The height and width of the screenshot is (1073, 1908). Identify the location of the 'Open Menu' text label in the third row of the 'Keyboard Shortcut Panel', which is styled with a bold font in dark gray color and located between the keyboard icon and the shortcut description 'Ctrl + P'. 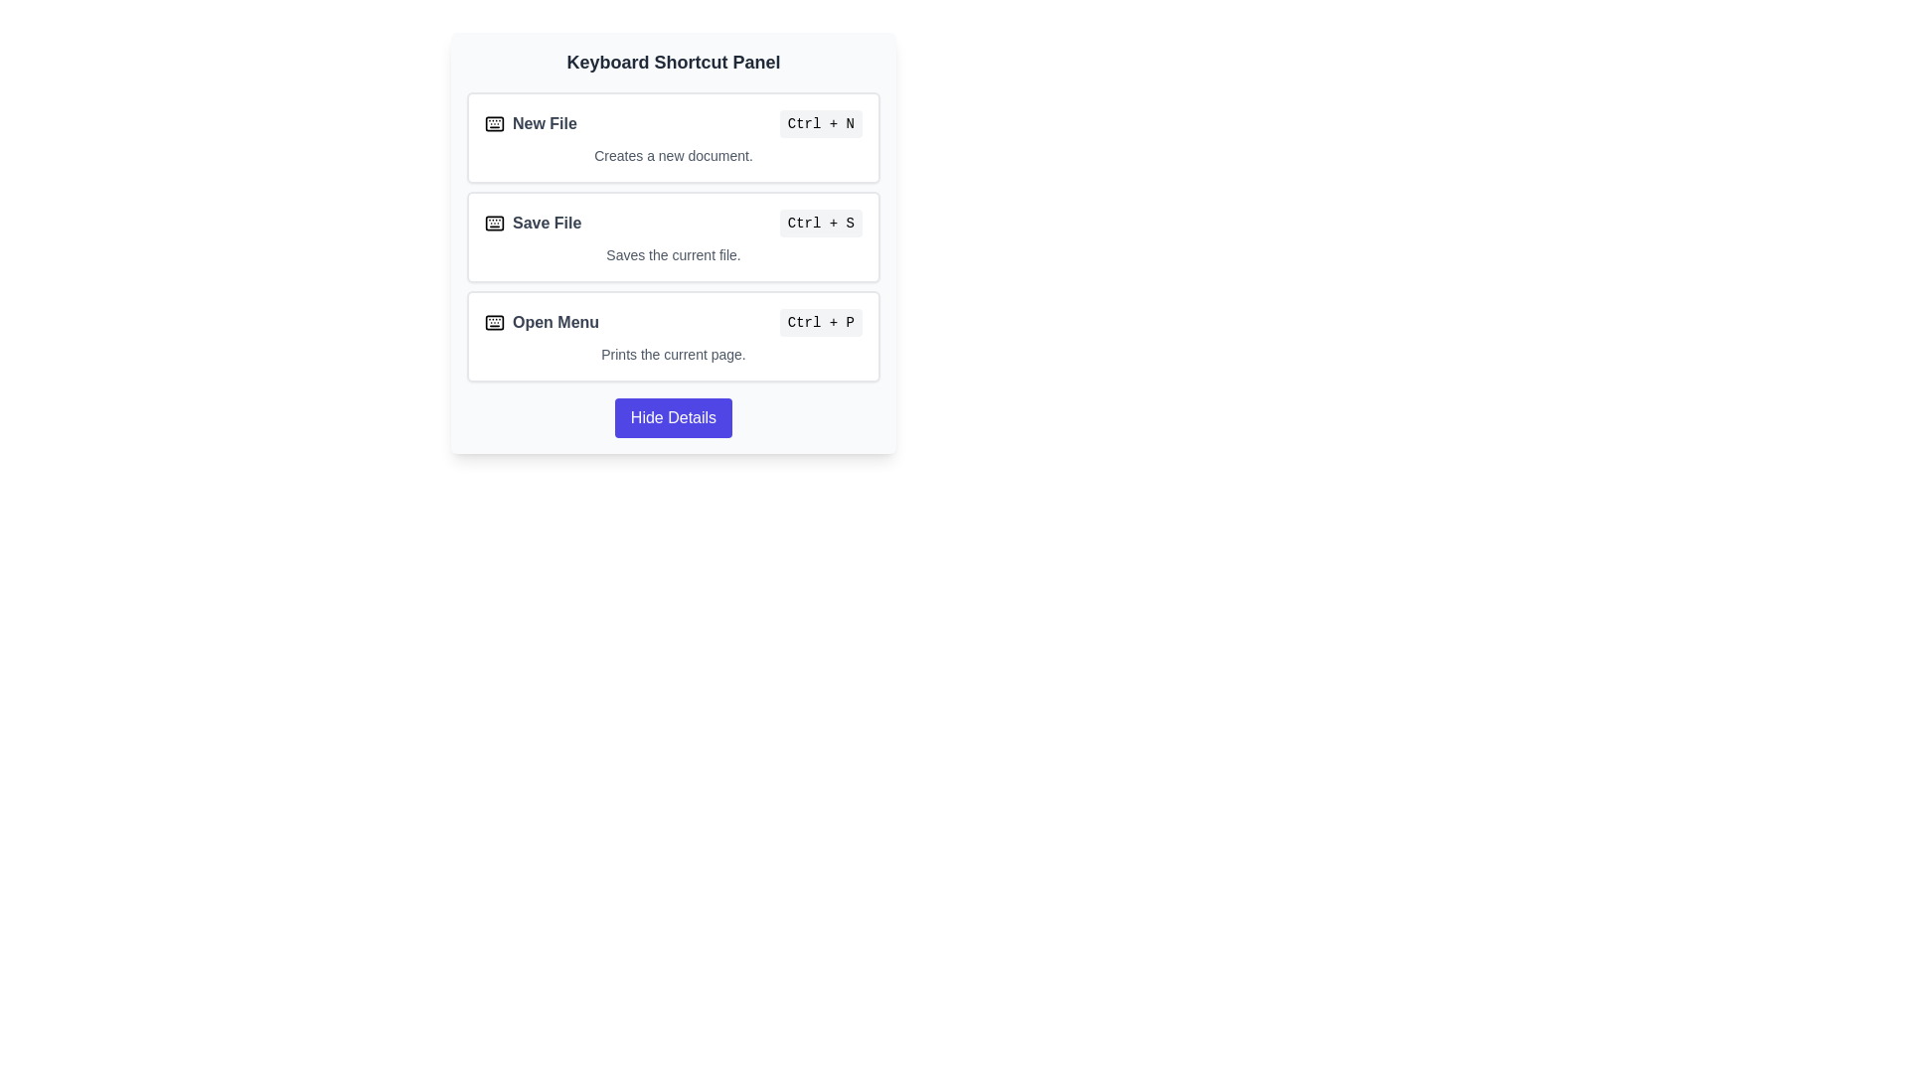
(556, 321).